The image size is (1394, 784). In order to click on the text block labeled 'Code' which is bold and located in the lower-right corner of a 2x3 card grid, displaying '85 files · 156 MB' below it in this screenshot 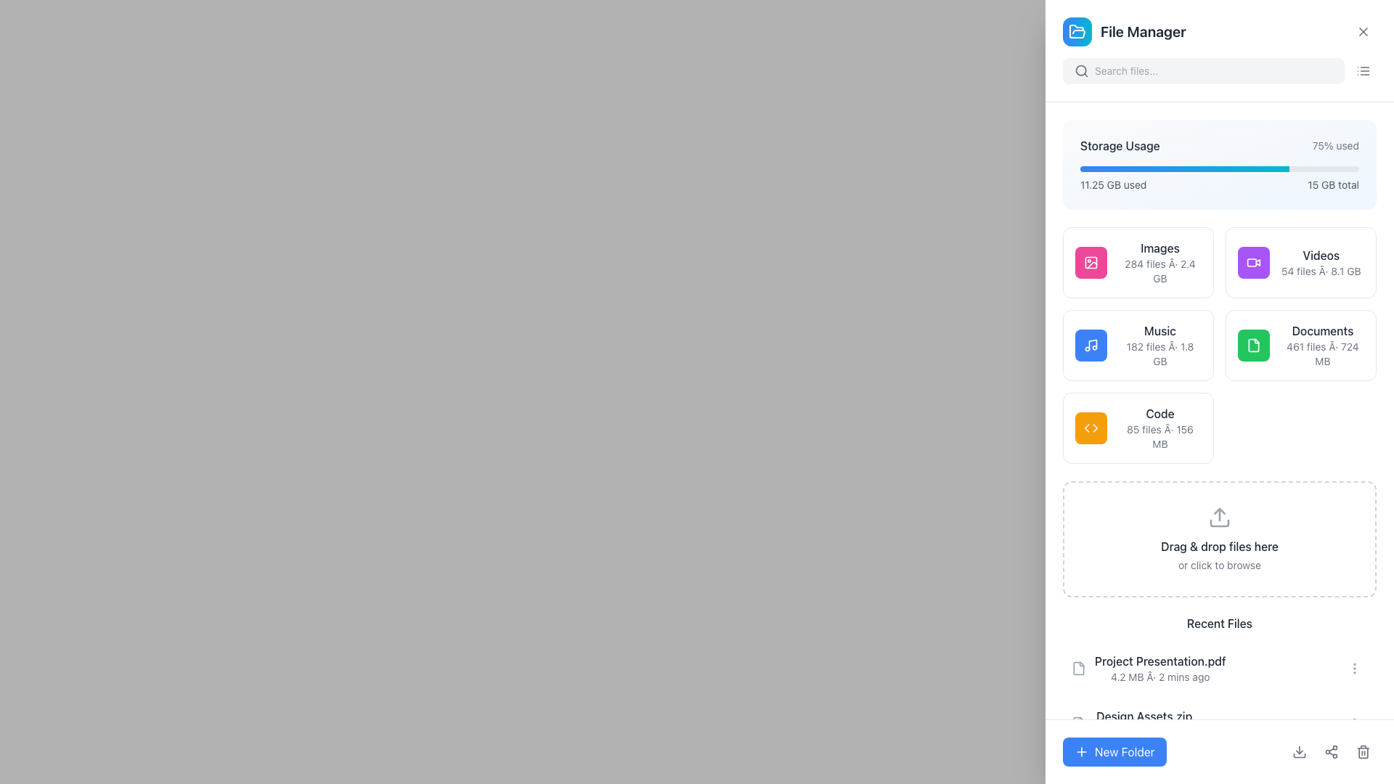, I will do `click(1159, 428)`.